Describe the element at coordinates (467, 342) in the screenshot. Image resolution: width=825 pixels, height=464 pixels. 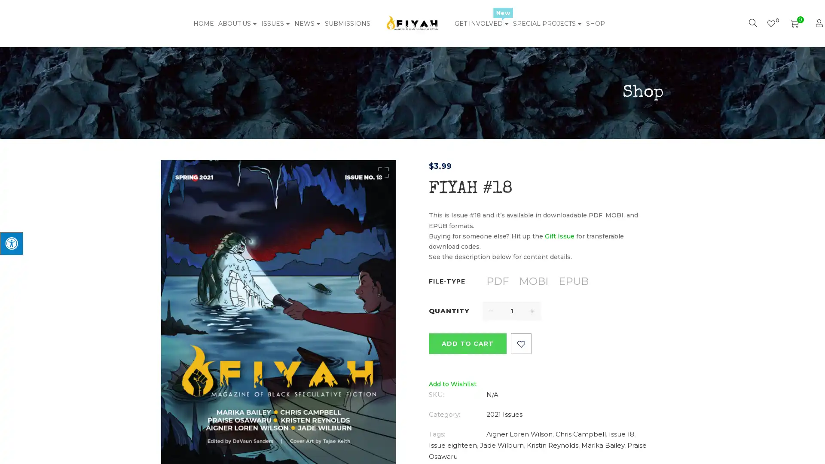
I see `ADD TO CART` at that location.